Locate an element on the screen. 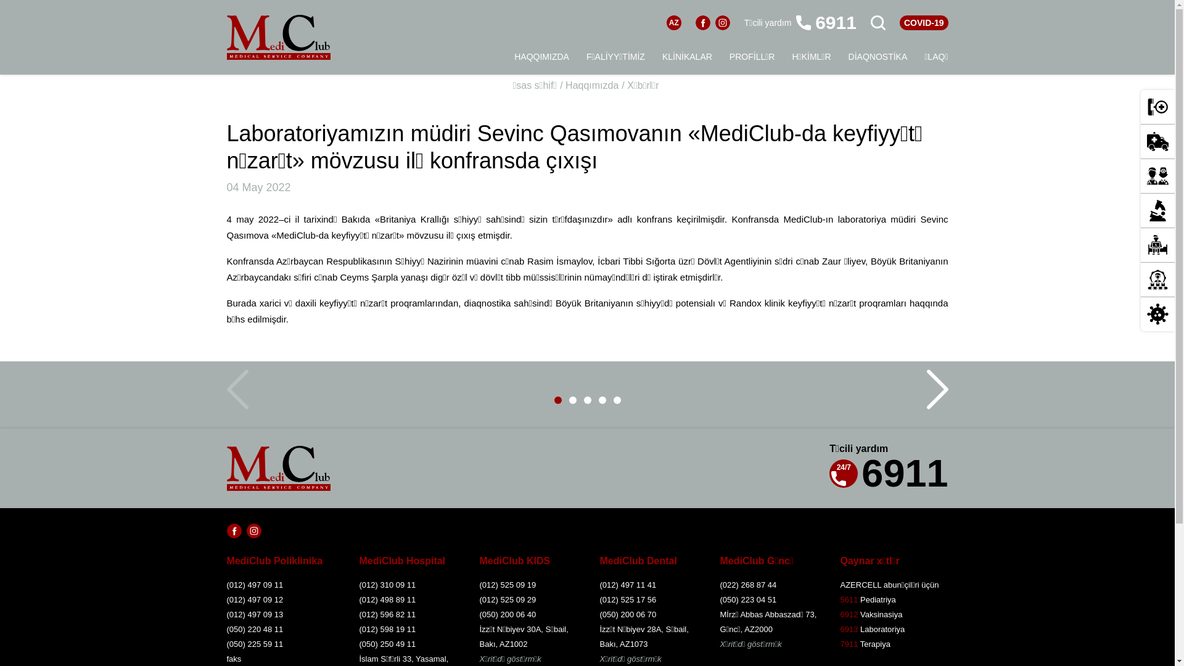 The height and width of the screenshot is (666, 1184). '6912' is located at coordinates (848, 614).